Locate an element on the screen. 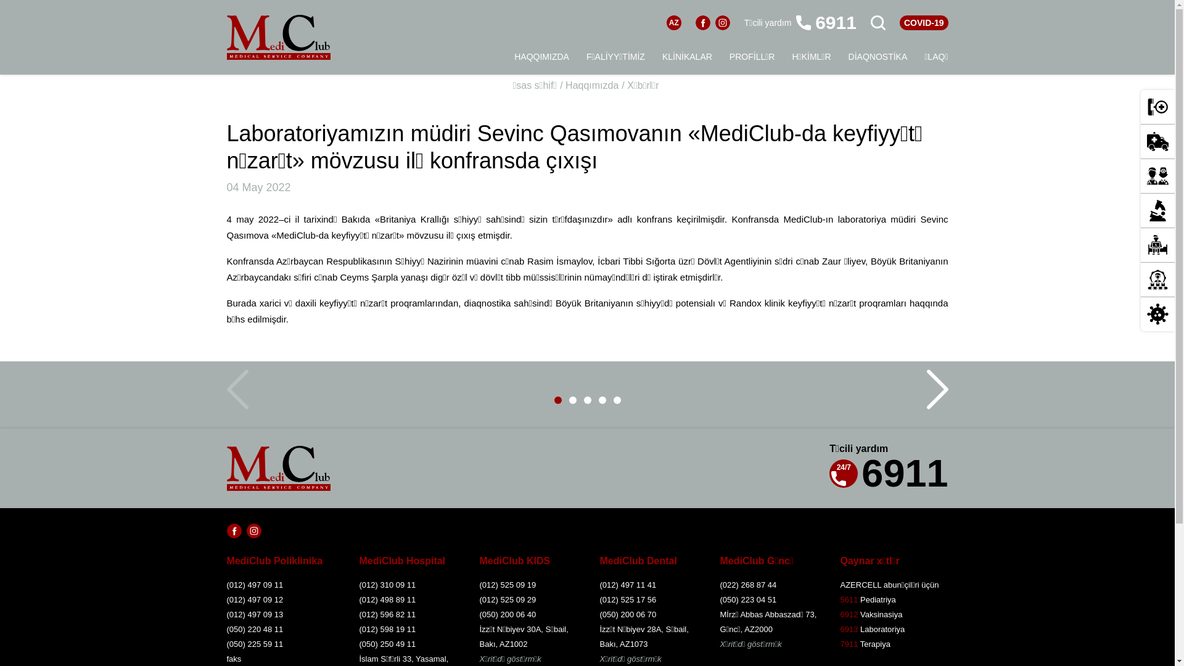 The height and width of the screenshot is (666, 1184). '6912' is located at coordinates (848, 614).